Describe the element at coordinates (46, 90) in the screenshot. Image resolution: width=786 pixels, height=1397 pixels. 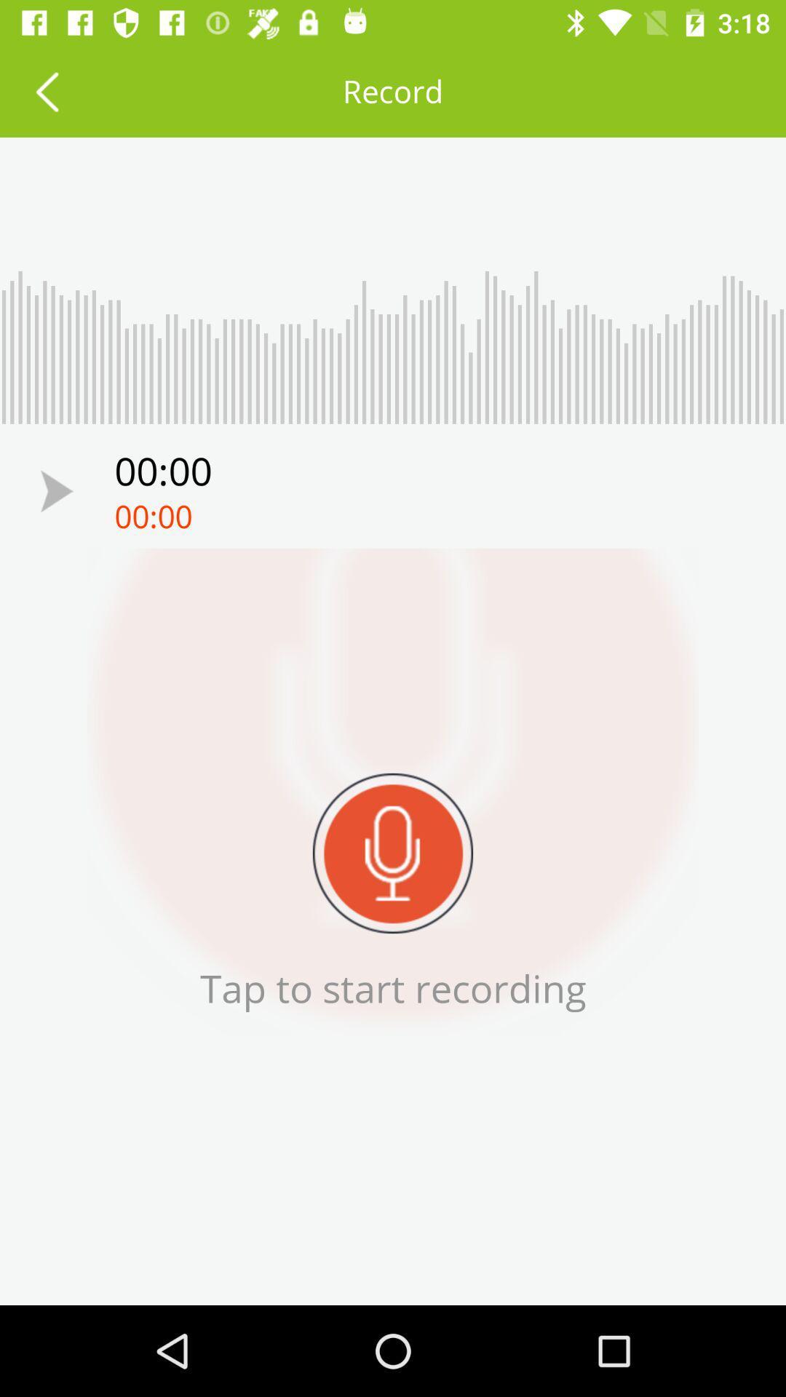
I see `go back` at that location.